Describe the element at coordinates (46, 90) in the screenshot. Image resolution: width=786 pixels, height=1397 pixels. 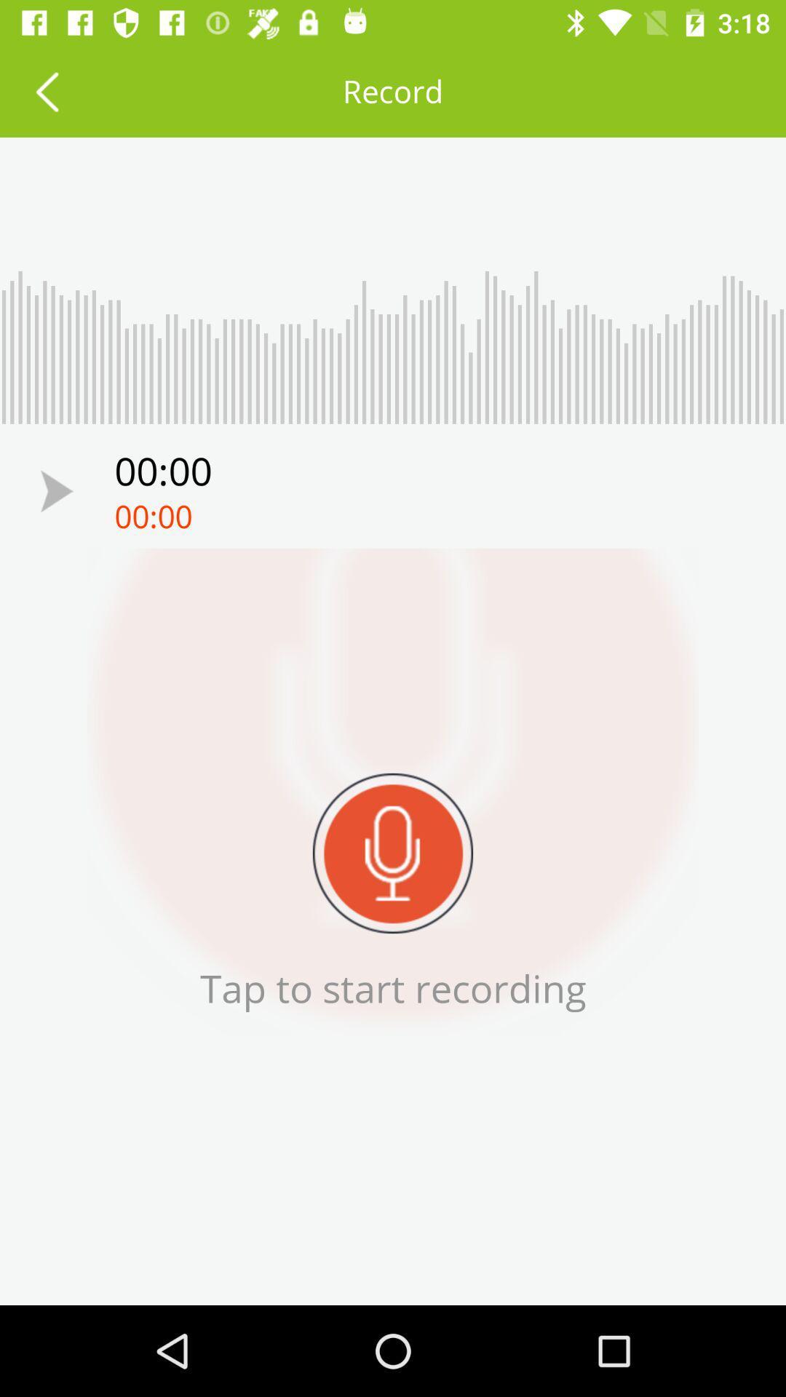
I see `go back` at that location.